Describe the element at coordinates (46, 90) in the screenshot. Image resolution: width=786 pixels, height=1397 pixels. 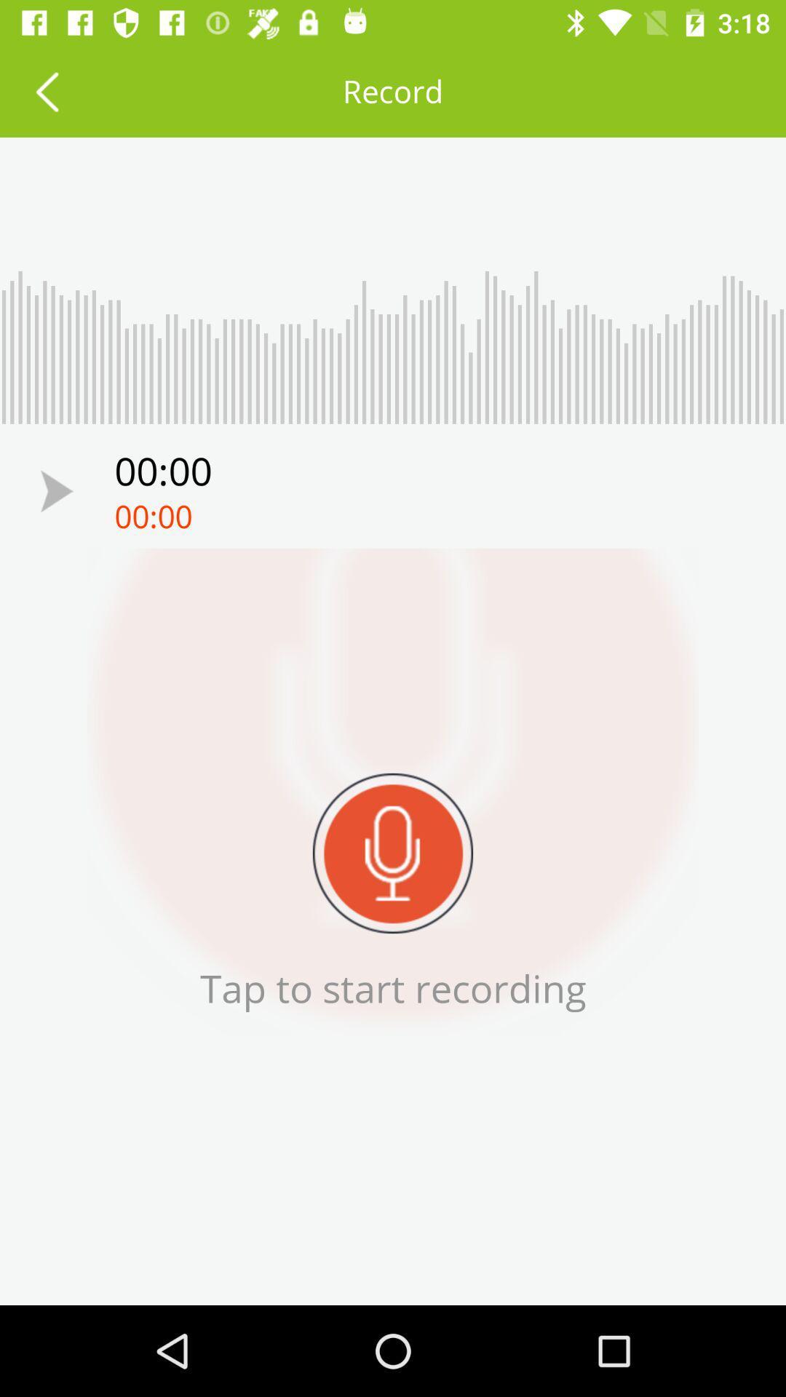
I see `go back` at that location.